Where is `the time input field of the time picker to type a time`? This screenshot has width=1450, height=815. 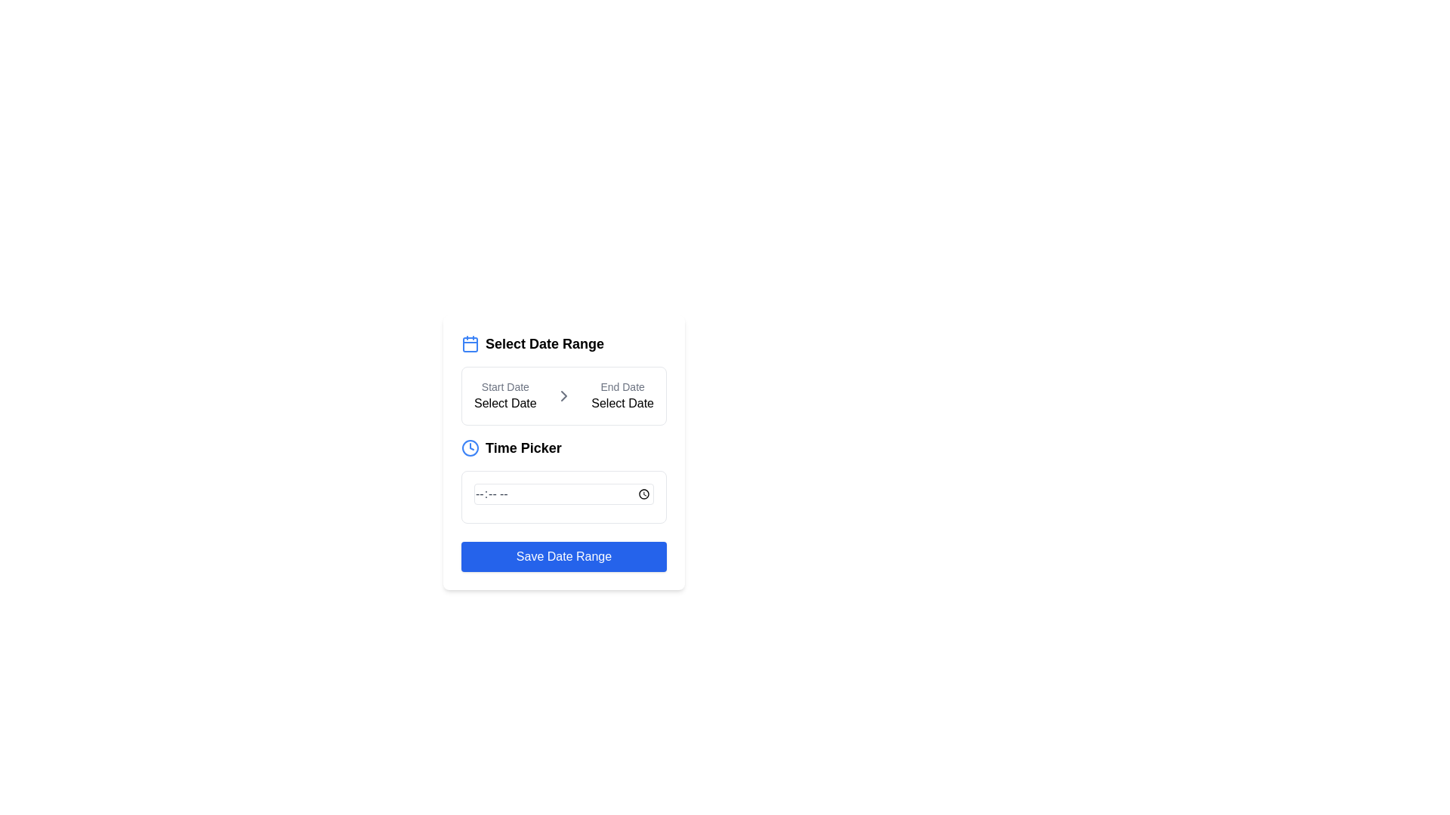
the time input field of the time picker to type a time is located at coordinates (563, 497).